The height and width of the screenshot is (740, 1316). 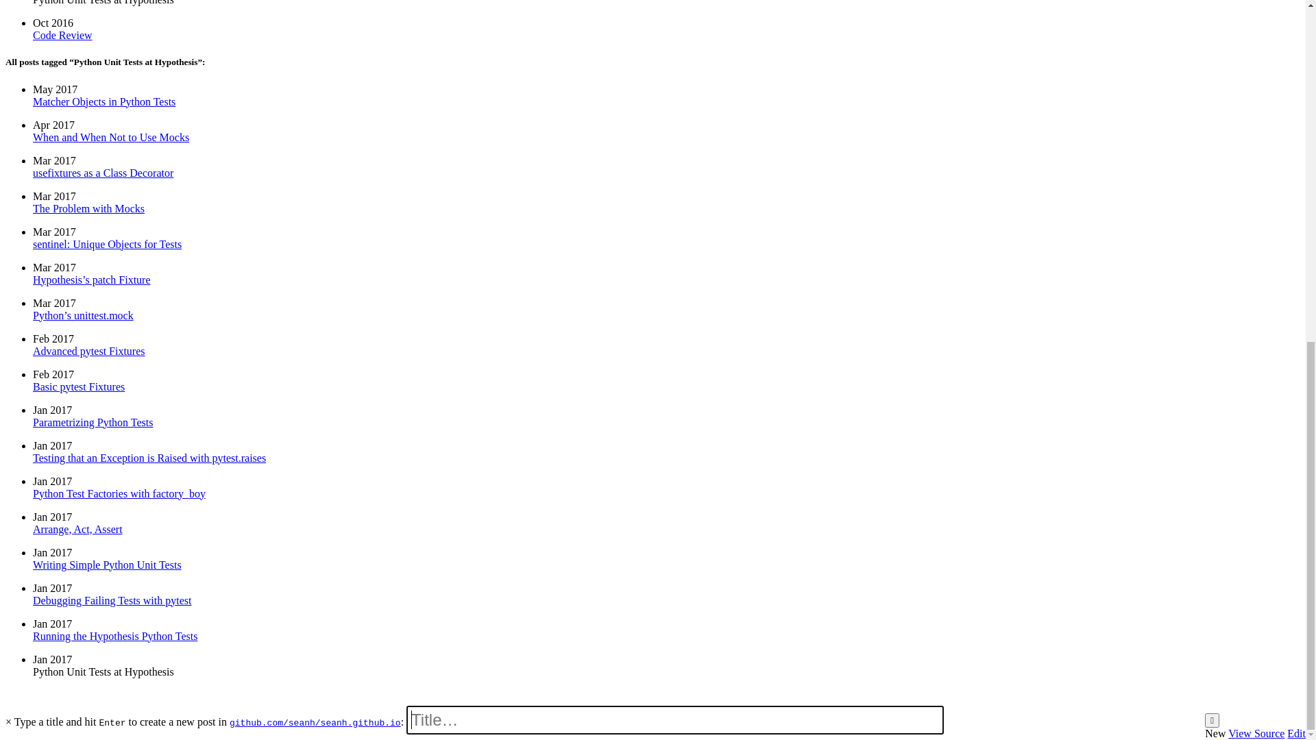 I want to click on 'sentinel: Unique Objects for Tests', so click(x=33, y=233).